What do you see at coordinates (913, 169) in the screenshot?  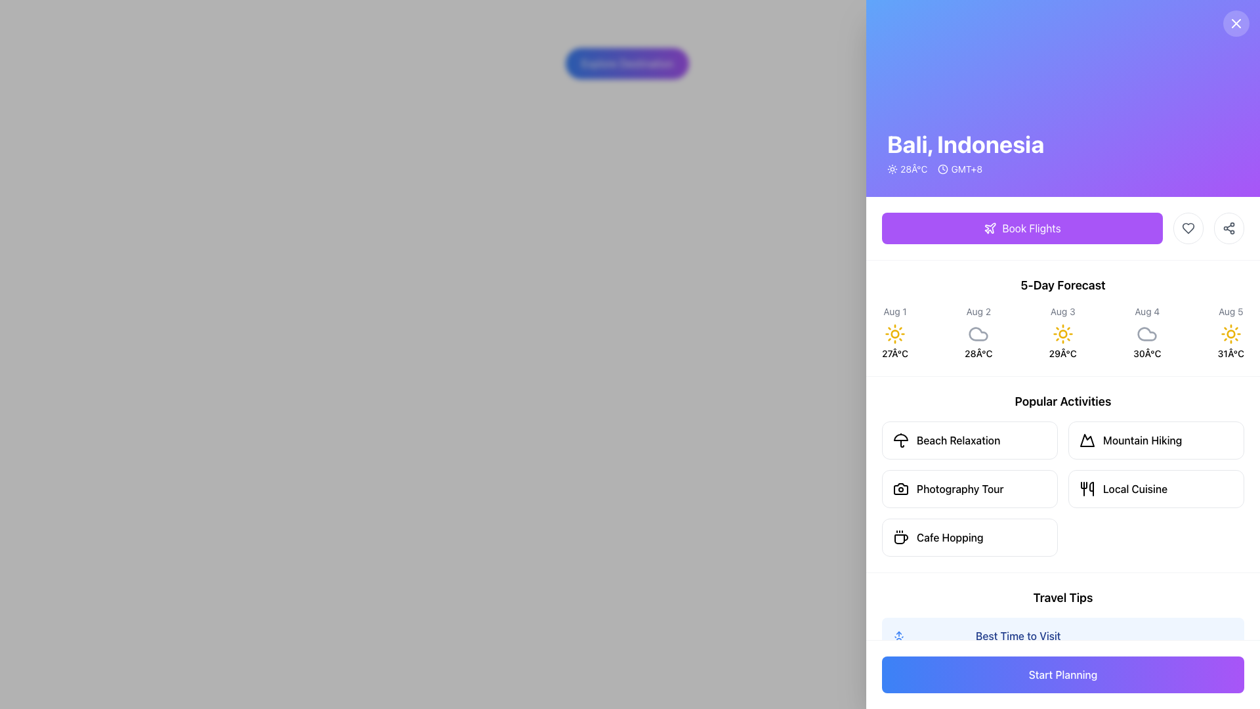 I see `the text displaying "28Â°C" that is styled with a modern sans-serif font and positioned next to the sun icon, which indicates weather information` at bounding box center [913, 169].